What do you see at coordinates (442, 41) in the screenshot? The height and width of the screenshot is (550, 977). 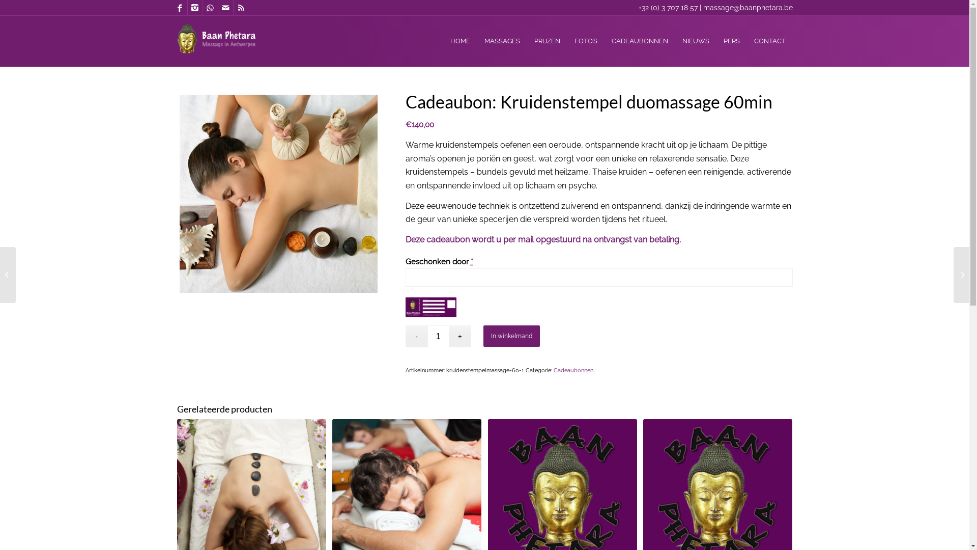 I see `'HOME'` at bounding box center [442, 41].